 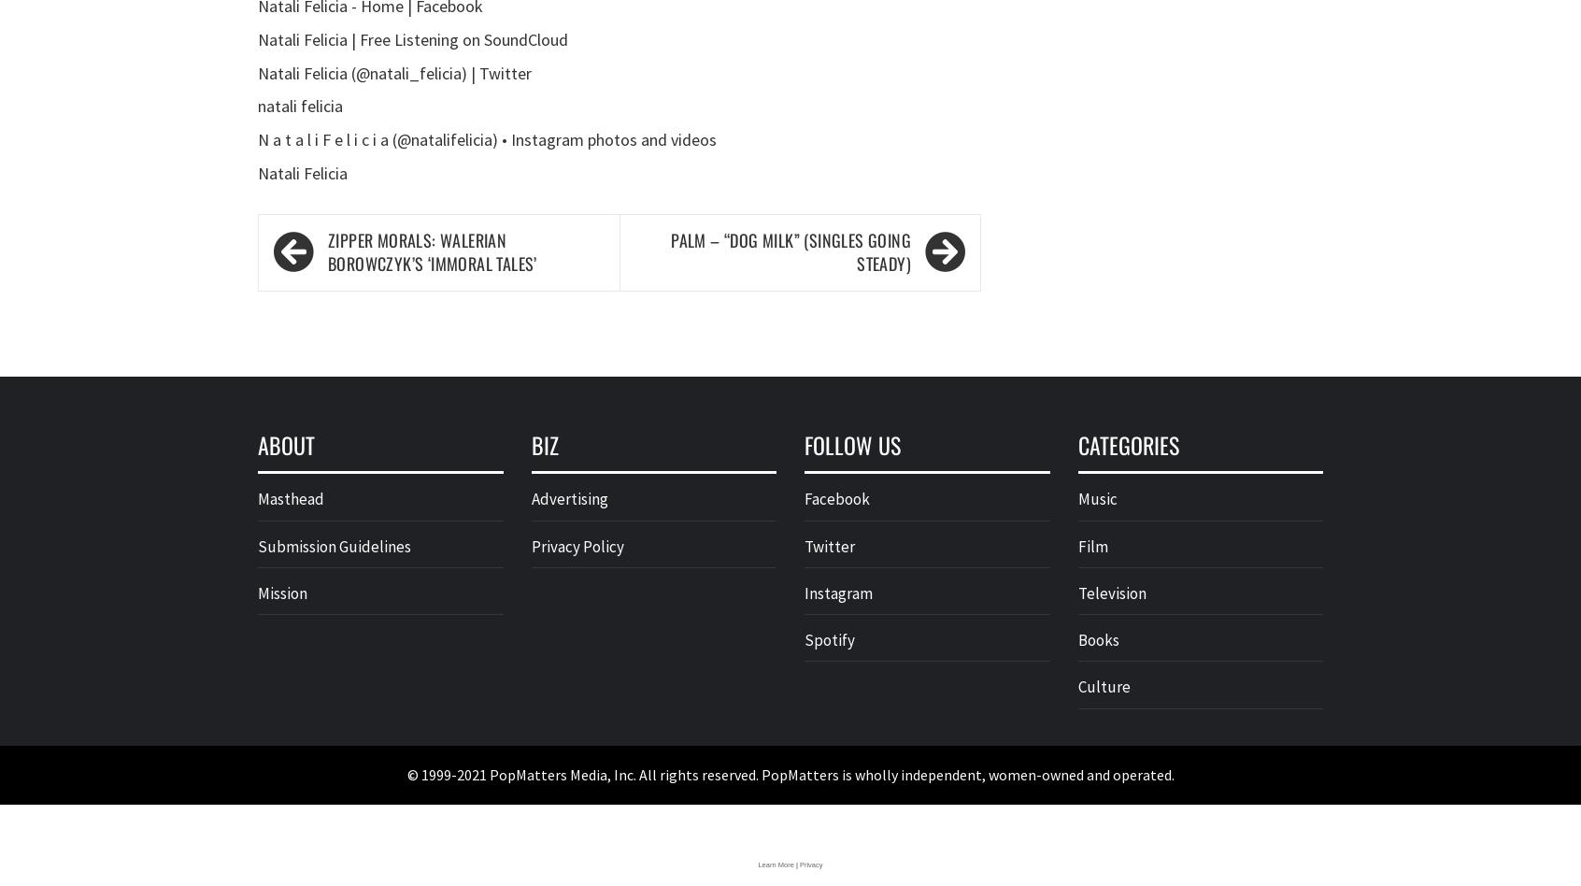 I want to click on 'Natali Felicia (@natali_felicia) | Twitter', so click(x=394, y=72).